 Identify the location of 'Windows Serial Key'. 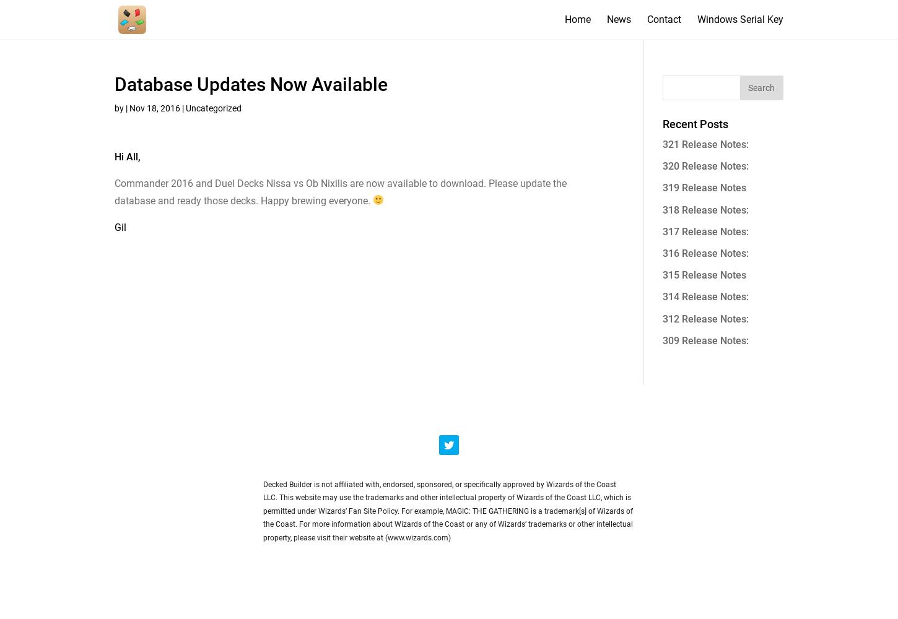
(739, 19).